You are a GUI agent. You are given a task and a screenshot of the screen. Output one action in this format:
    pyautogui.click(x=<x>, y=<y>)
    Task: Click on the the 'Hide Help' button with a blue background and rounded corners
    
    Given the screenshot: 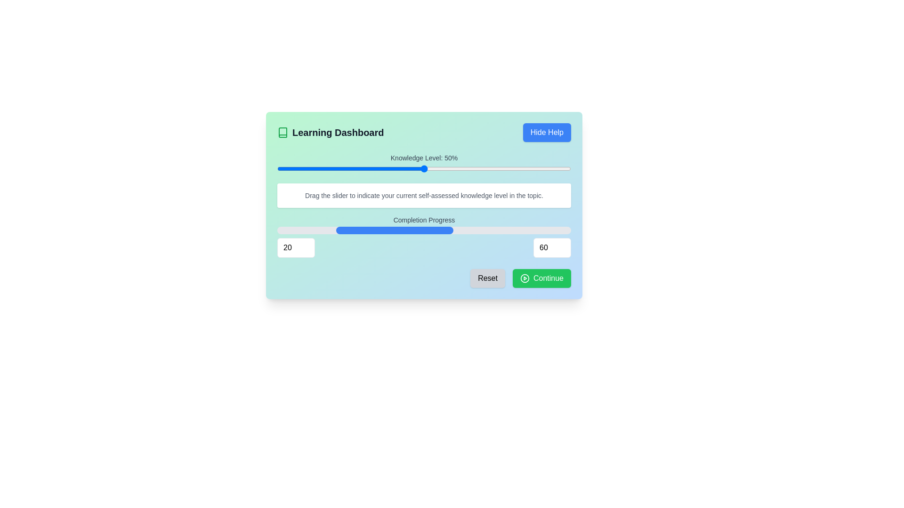 What is the action you would take?
    pyautogui.click(x=547, y=132)
    